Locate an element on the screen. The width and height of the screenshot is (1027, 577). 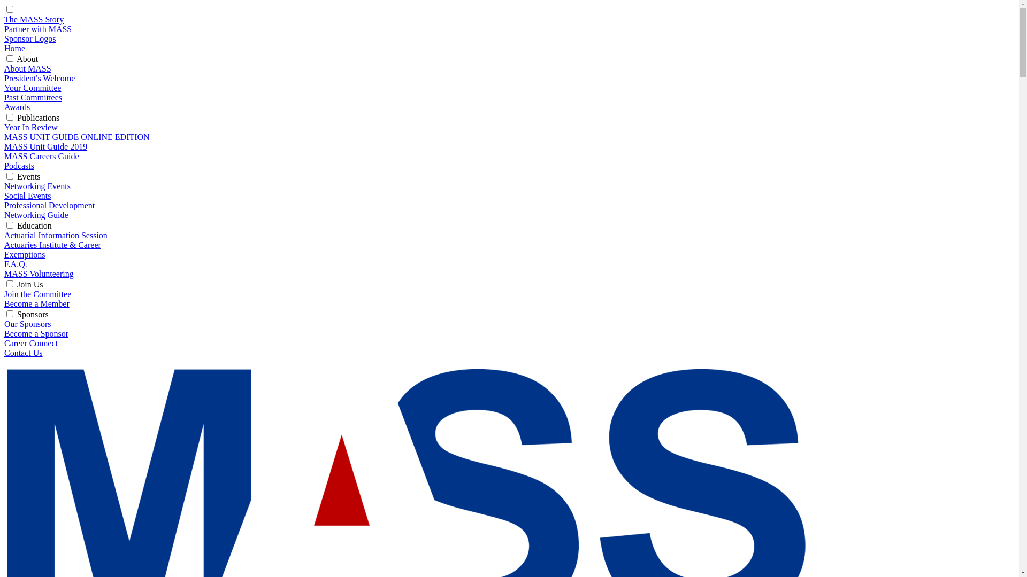
'Actuaries Institute & Career' is located at coordinates (52, 245).